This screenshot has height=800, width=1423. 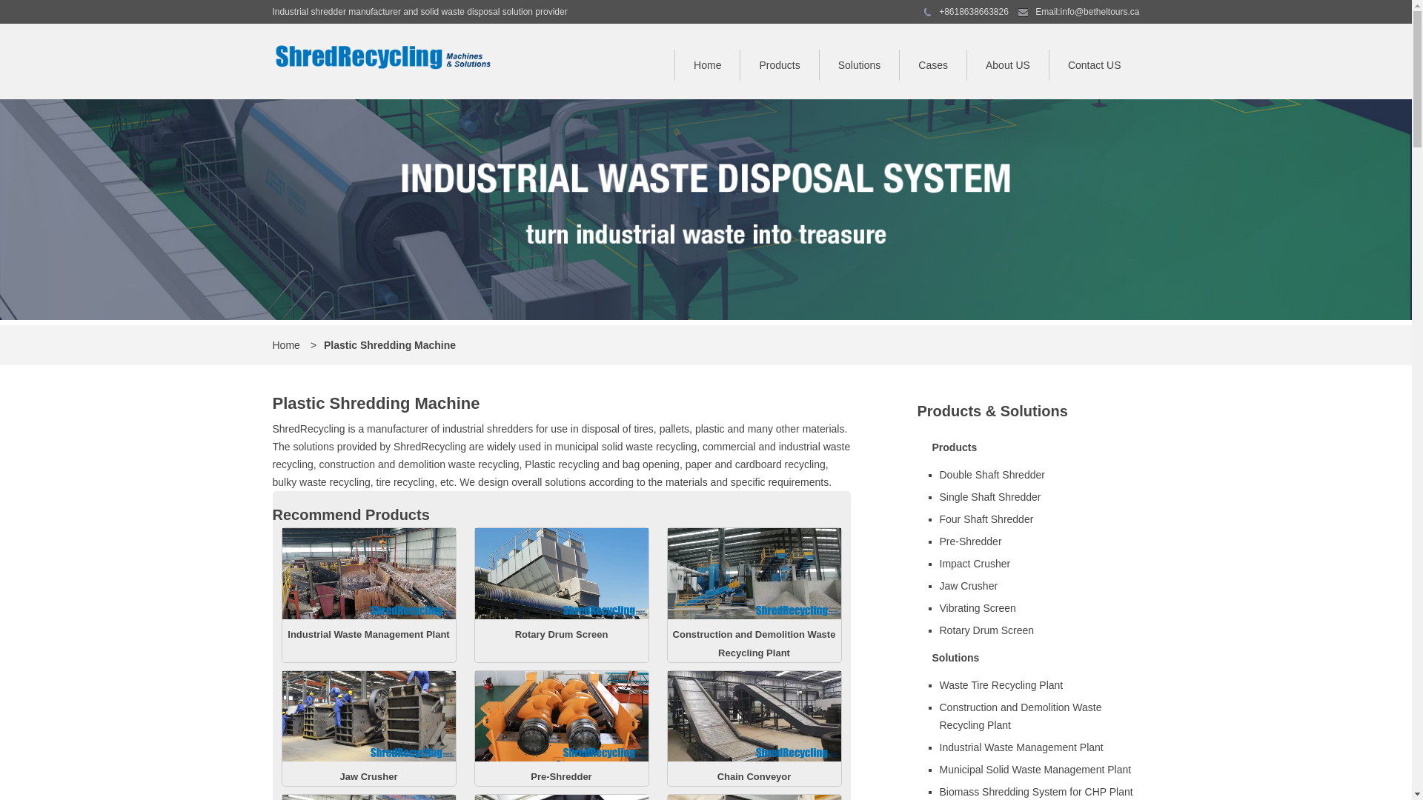 What do you see at coordinates (1094, 64) in the screenshot?
I see `'Contact US'` at bounding box center [1094, 64].